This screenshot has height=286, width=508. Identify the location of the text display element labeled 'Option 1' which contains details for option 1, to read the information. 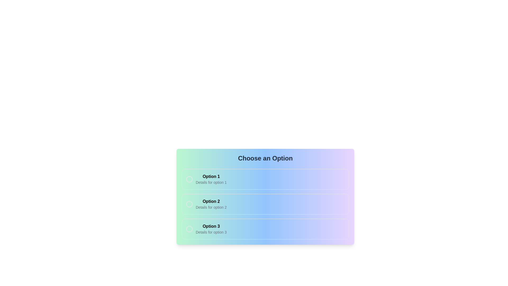
(211, 179).